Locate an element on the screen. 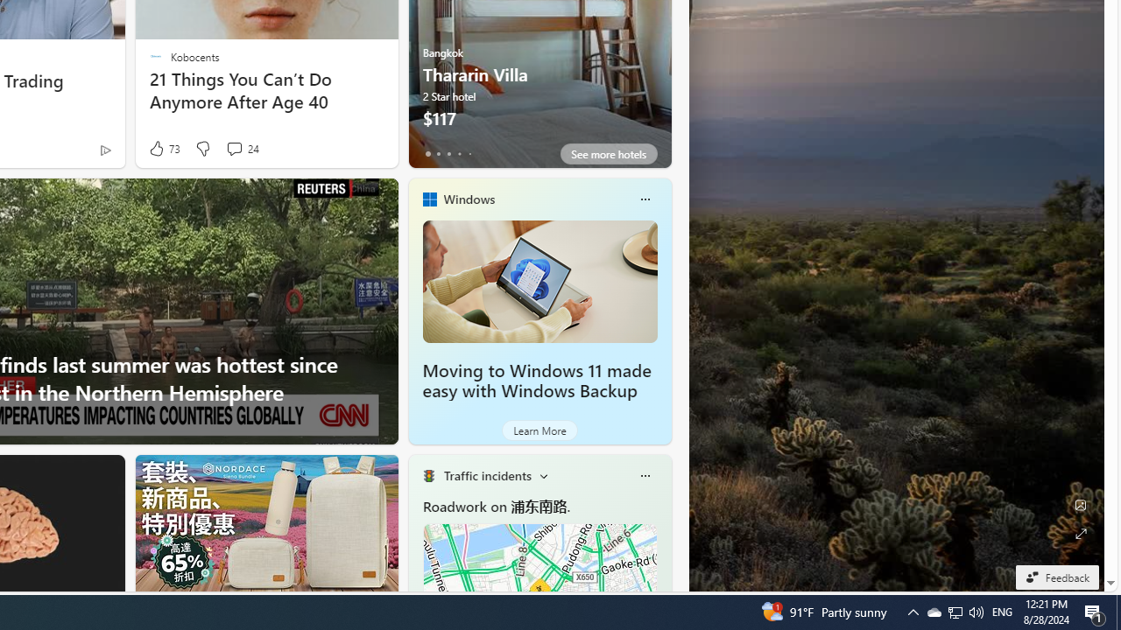 This screenshot has width=1121, height=630. '73 Like' is located at coordinates (163, 148).